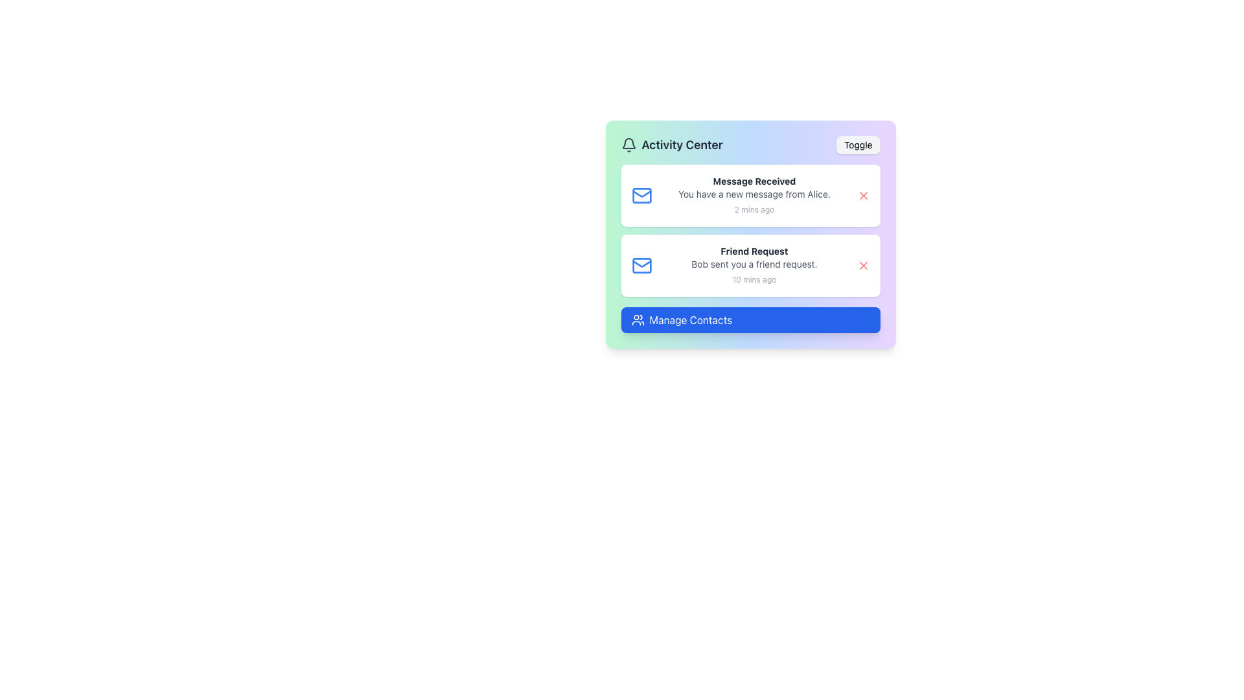 The width and height of the screenshot is (1244, 700). Describe the element at coordinates (863, 195) in the screenshot. I see `the close button located on the right side of the notification card in the Activity Center interface, adjacent to 'Message Received'` at that location.